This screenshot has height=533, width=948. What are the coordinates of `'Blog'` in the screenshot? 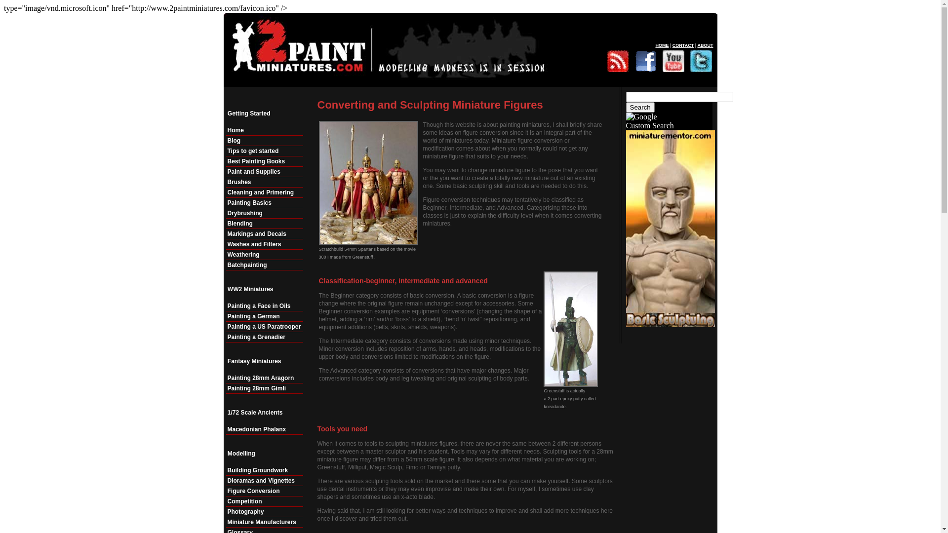 It's located at (225, 141).